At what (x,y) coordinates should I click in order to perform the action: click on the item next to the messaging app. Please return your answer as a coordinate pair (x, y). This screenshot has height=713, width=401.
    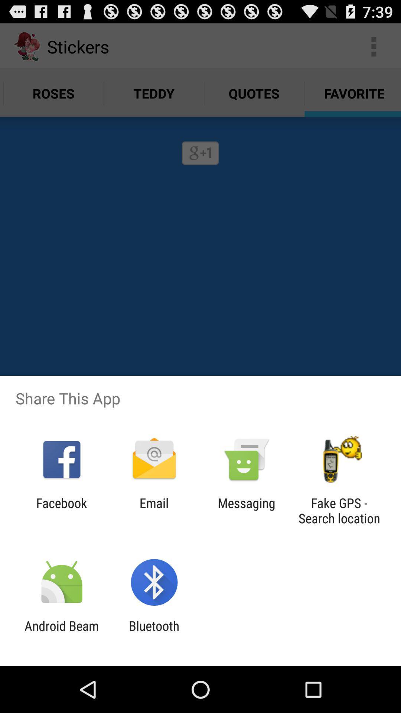
    Looking at the image, I should click on (339, 510).